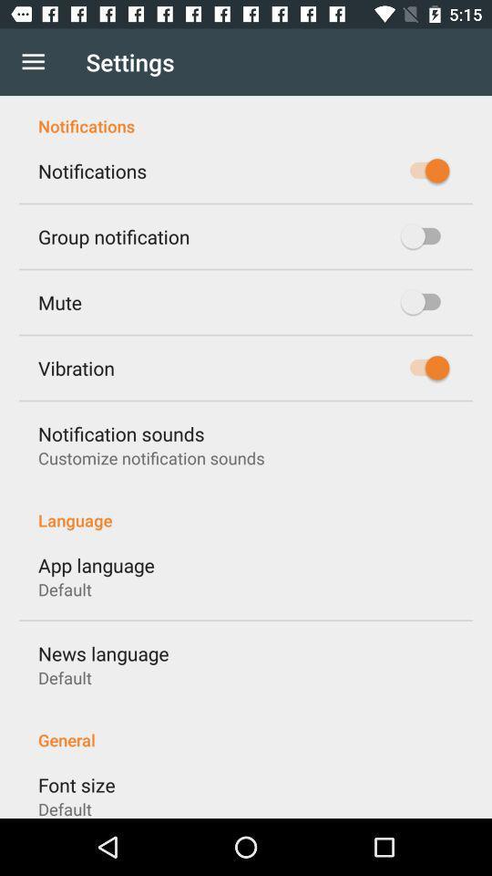 This screenshot has width=492, height=876. Describe the element at coordinates (114, 235) in the screenshot. I see `the group notification item` at that location.